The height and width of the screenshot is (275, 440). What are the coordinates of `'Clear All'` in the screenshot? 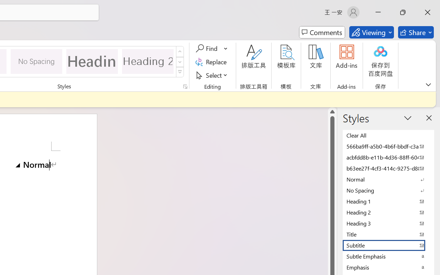 It's located at (388, 135).